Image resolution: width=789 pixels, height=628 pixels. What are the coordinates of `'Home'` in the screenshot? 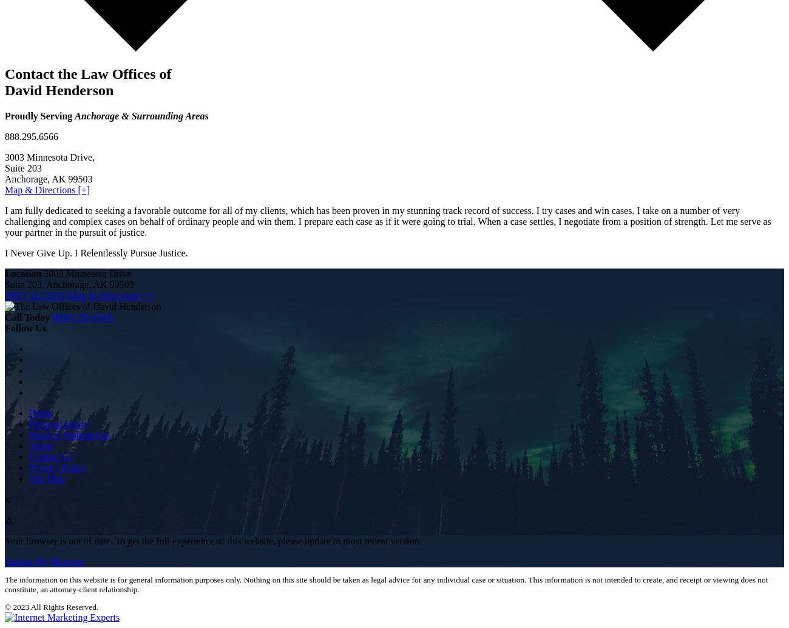 It's located at (41, 412).